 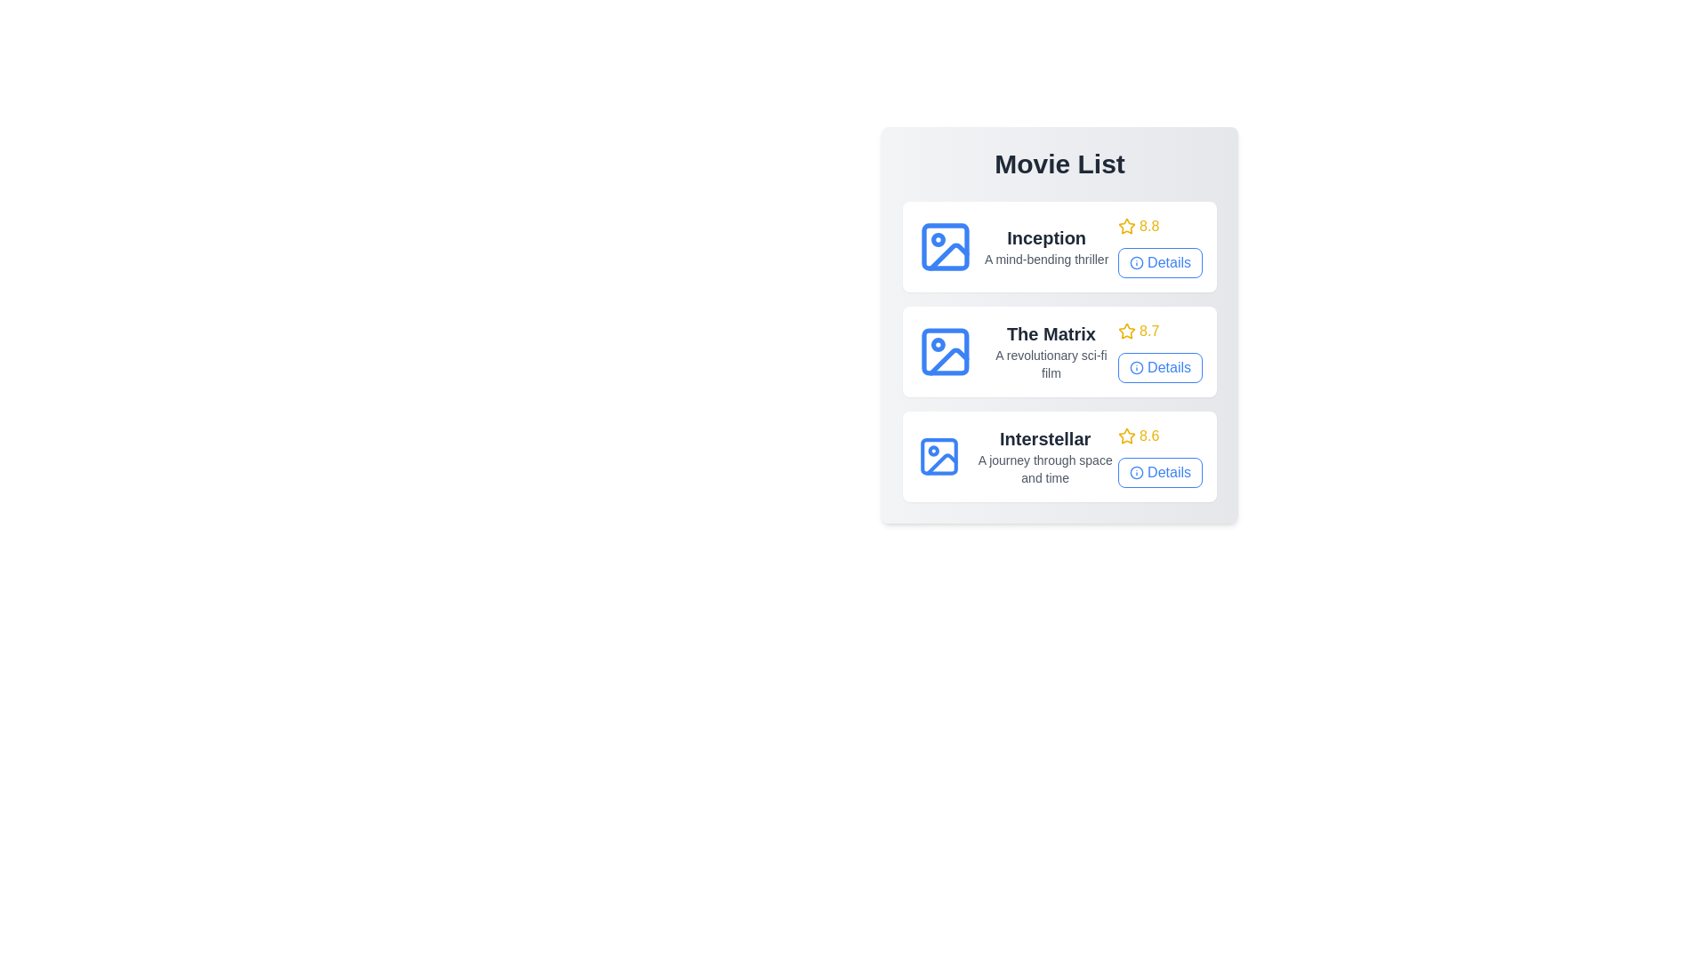 What do you see at coordinates (1046, 236) in the screenshot?
I see `the title of the movie Inception` at bounding box center [1046, 236].